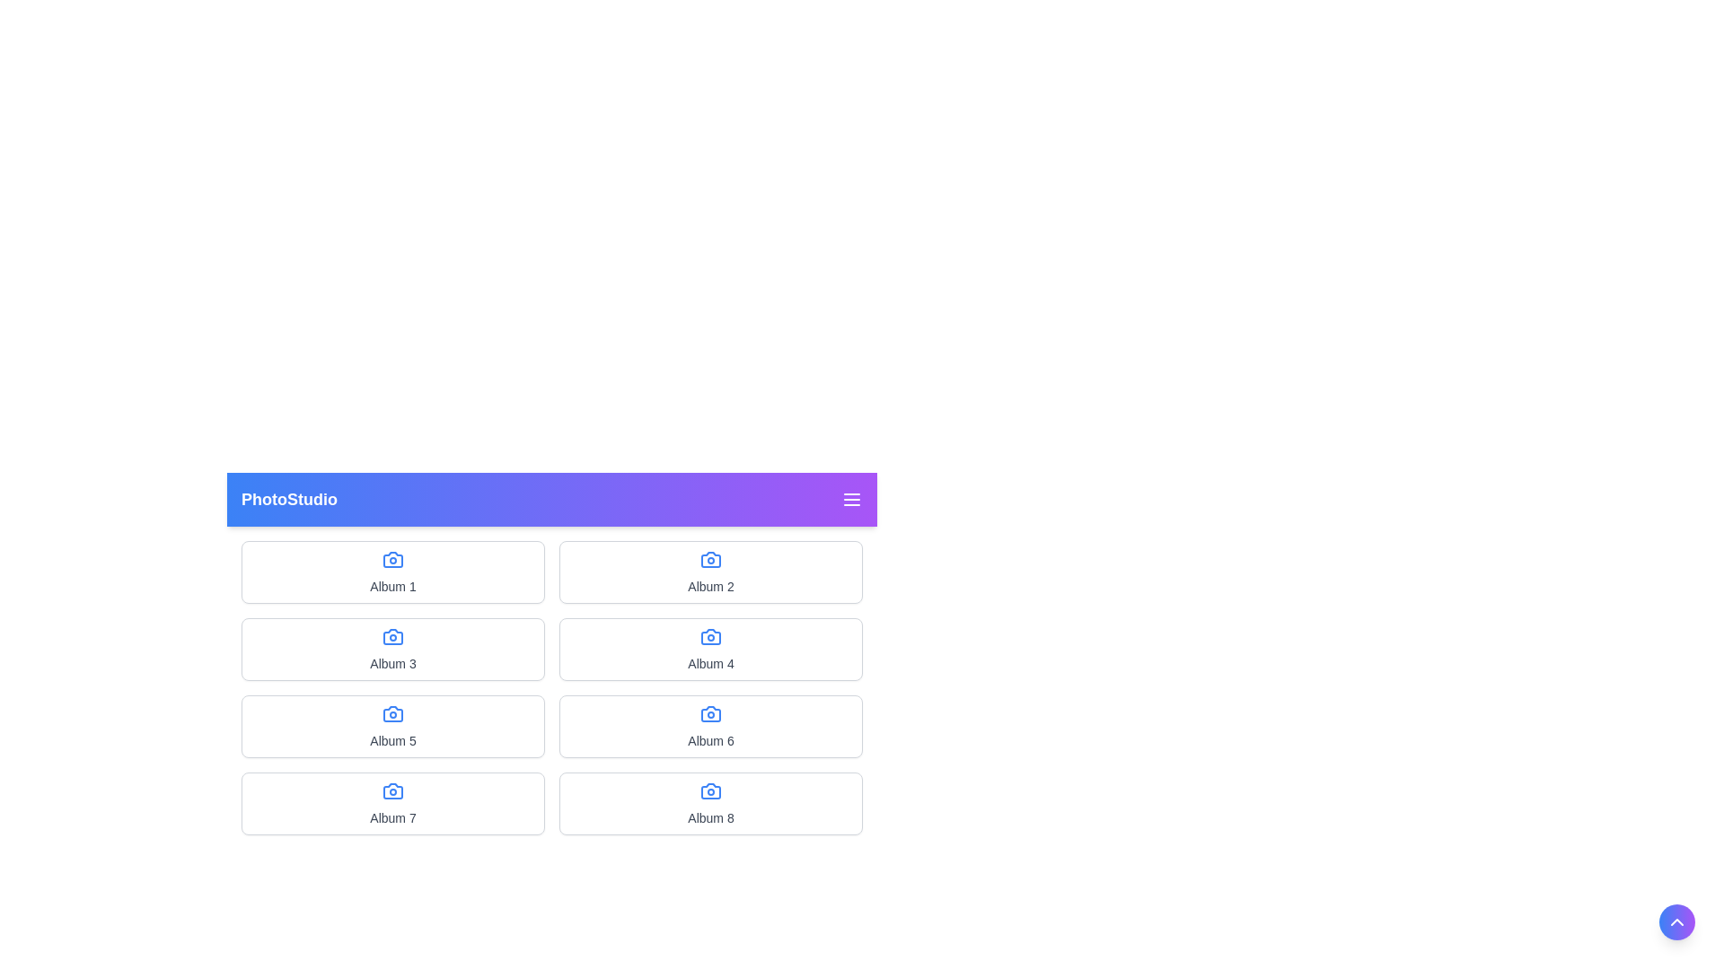  What do you see at coordinates (710, 740) in the screenshot?
I see `text label that identifies the album in the card located in the second row and second column of the grid layout` at bounding box center [710, 740].